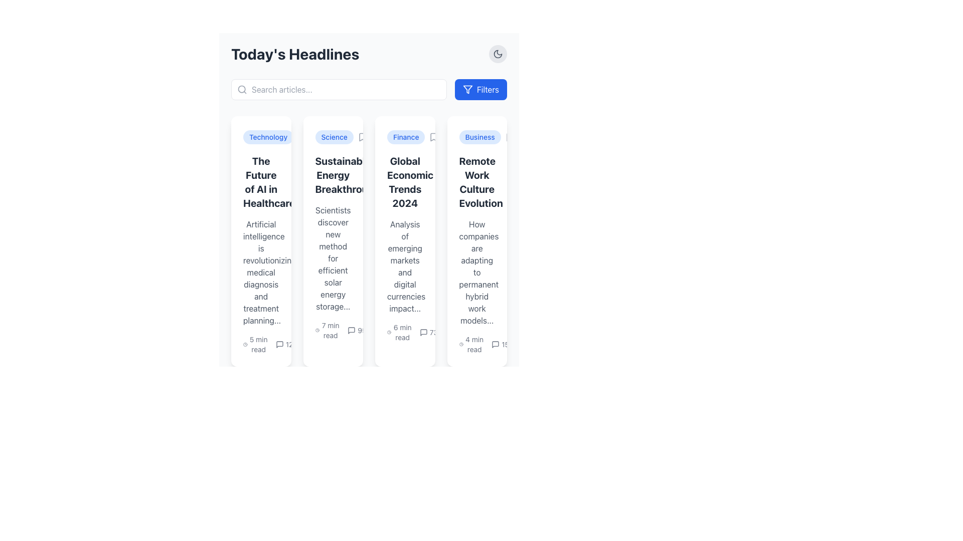 The width and height of the screenshot is (963, 541). What do you see at coordinates (498, 54) in the screenshot?
I see `the crescent moon-shaped toggle icon for dark mode located in the upper-right corner of the interface` at bounding box center [498, 54].